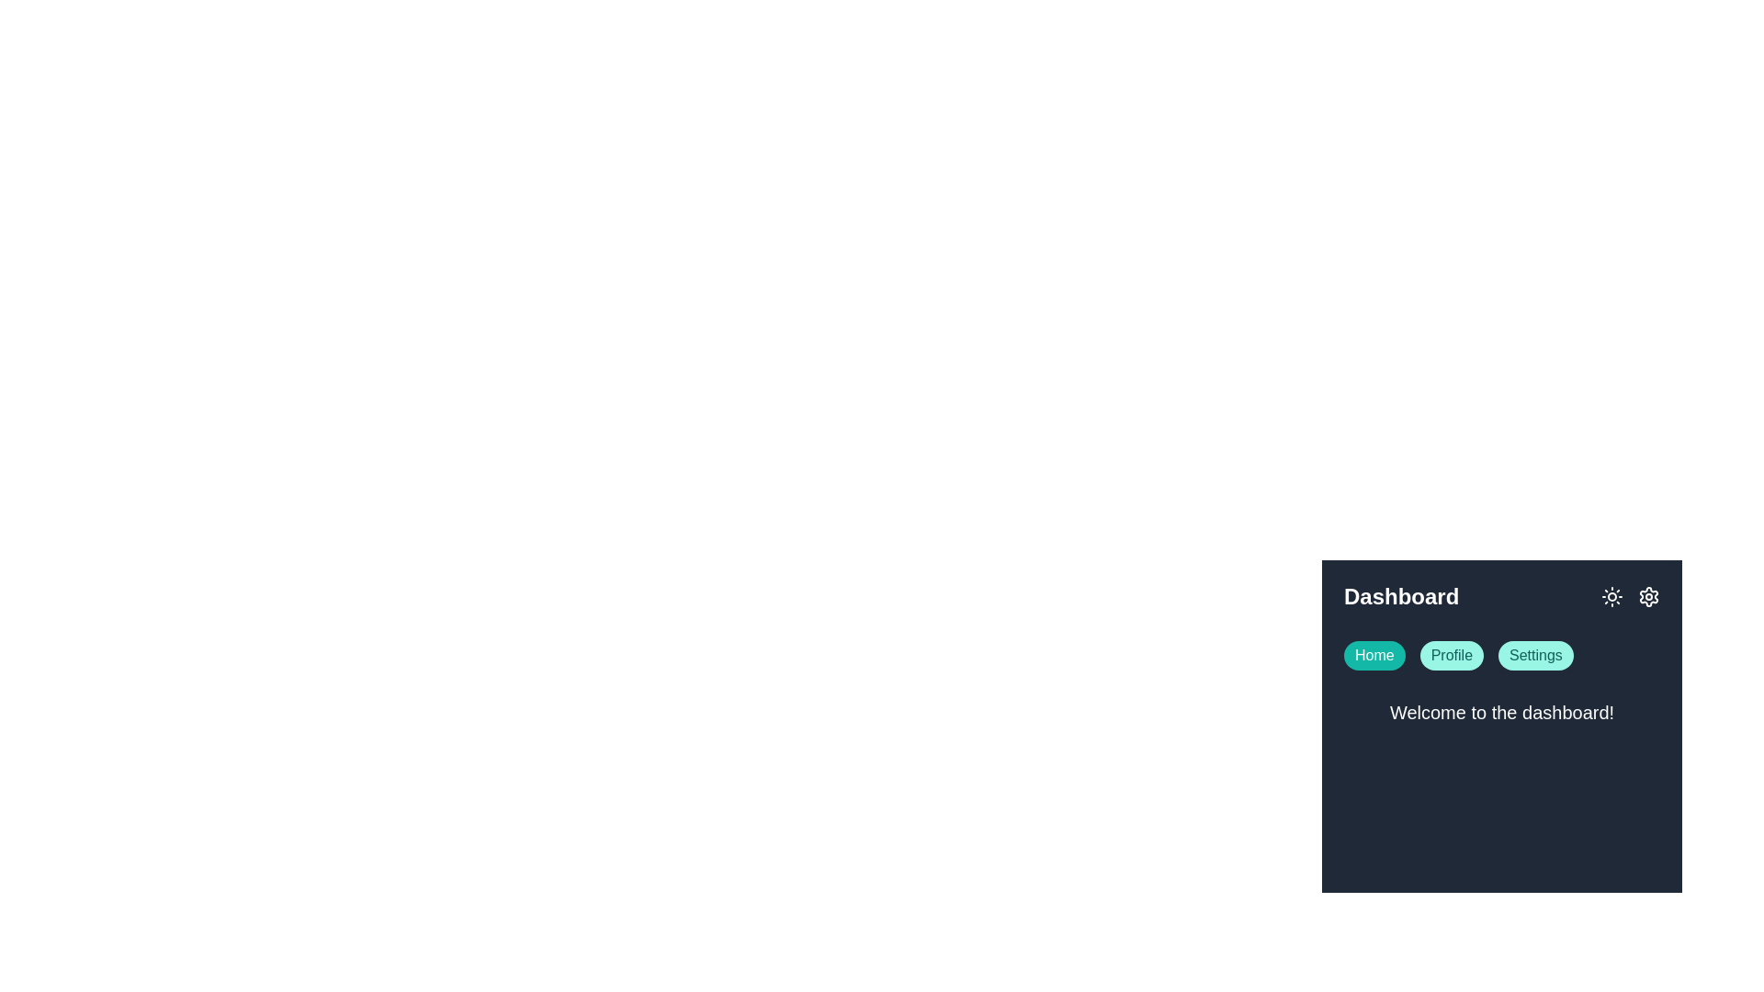 The image size is (1764, 992). I want to click on the 'Home' navigation button located in the top-right corner of the window under the 'Dashboard' heading, so click(1374, 654).